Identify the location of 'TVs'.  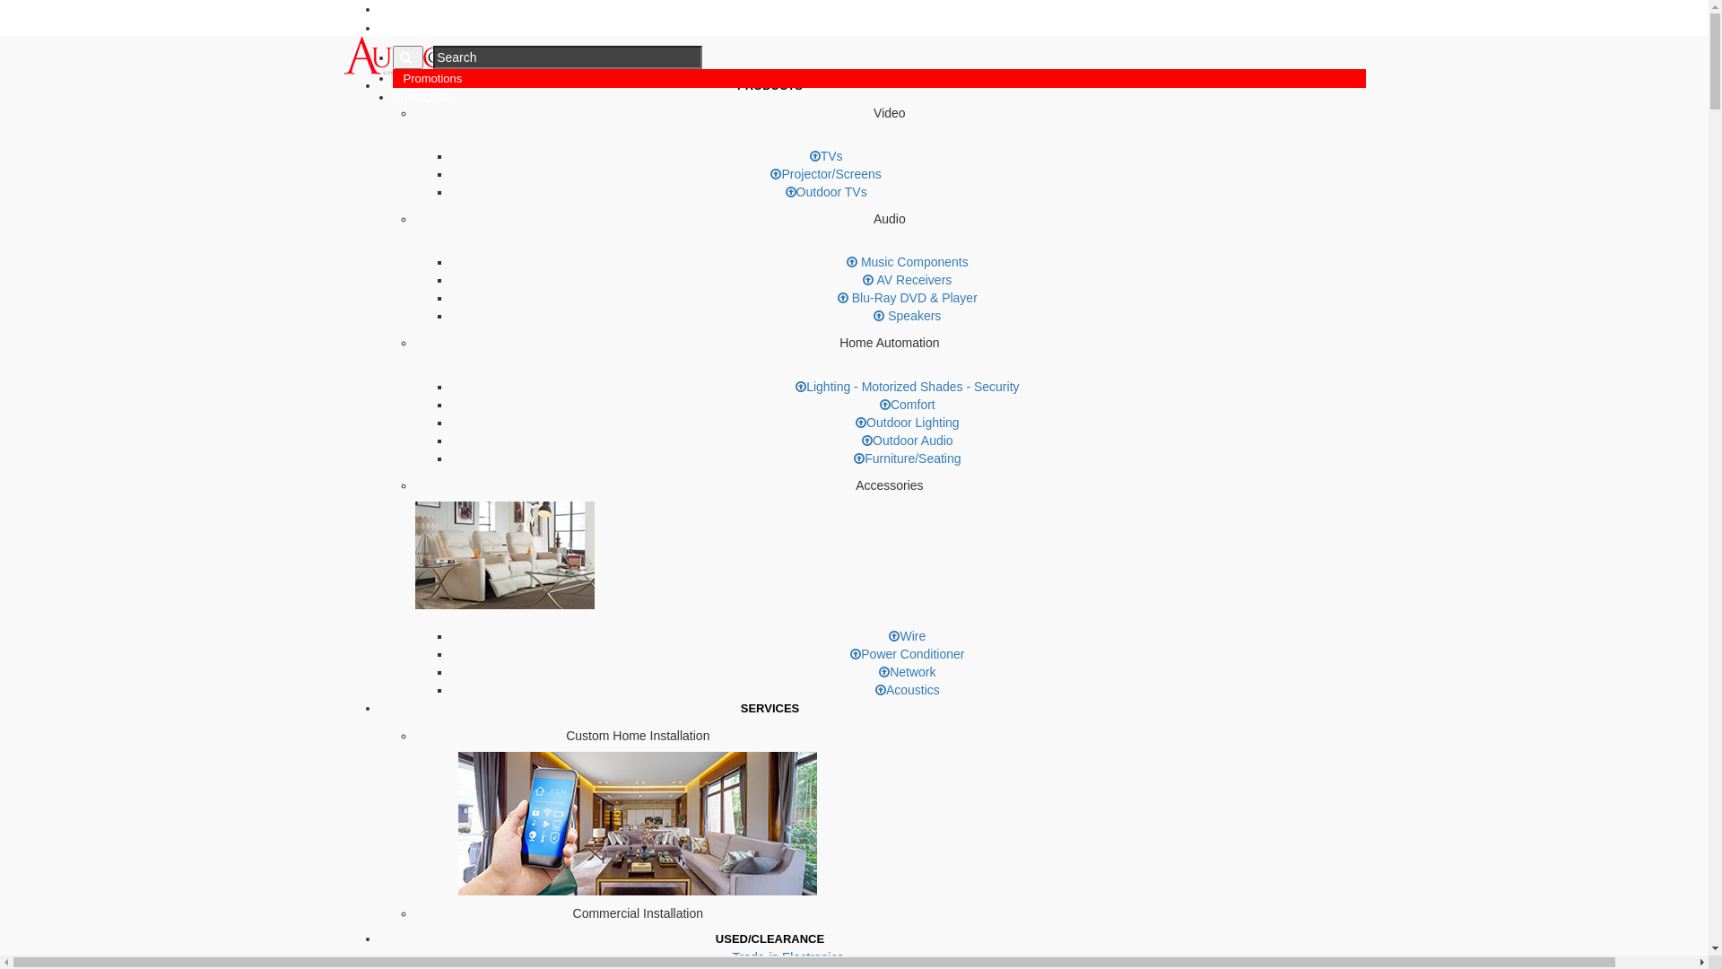
(808, 154).